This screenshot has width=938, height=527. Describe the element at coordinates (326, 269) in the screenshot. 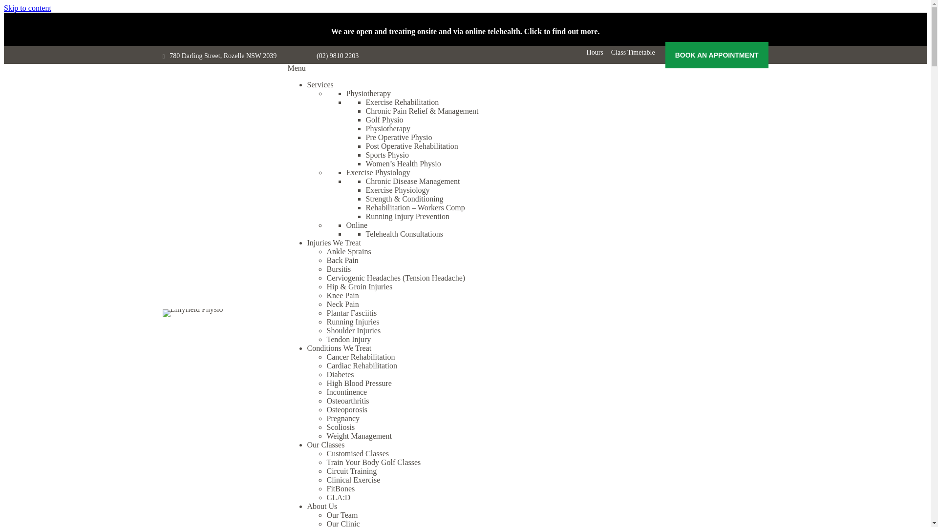

I see `'Bursitis'` at that location.